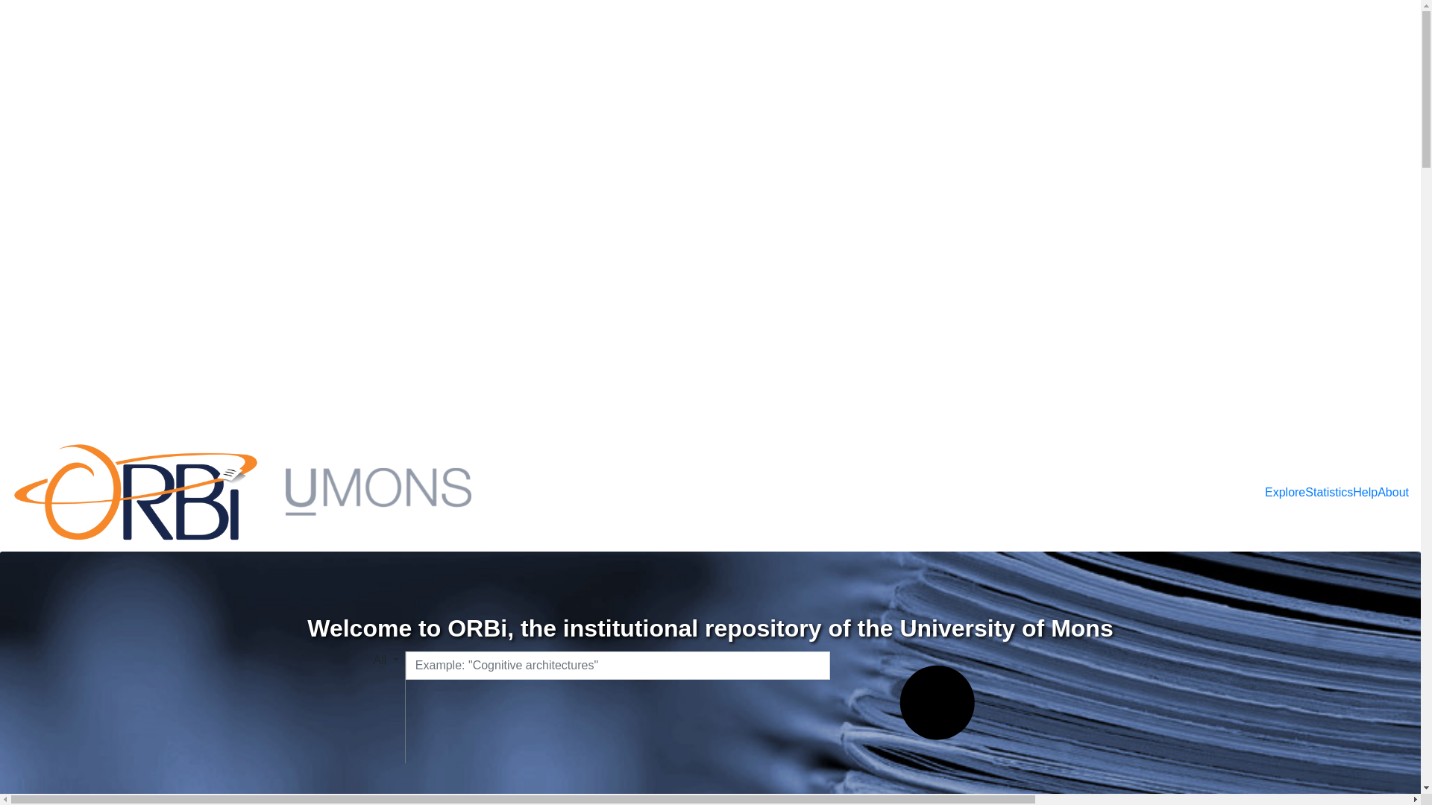  Describe the element at coordinates (1365, 492) in the screenshot. I see `'Help'` at that location.